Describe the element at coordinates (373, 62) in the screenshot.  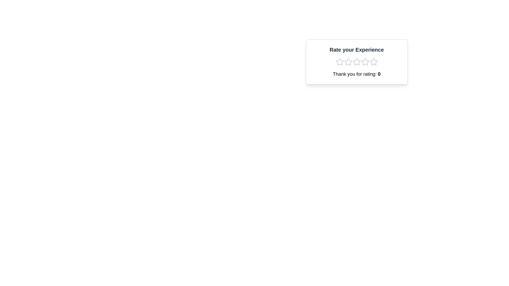
I see `the fifth star in the interactive rating icon to provide a rating of 5` at that location.